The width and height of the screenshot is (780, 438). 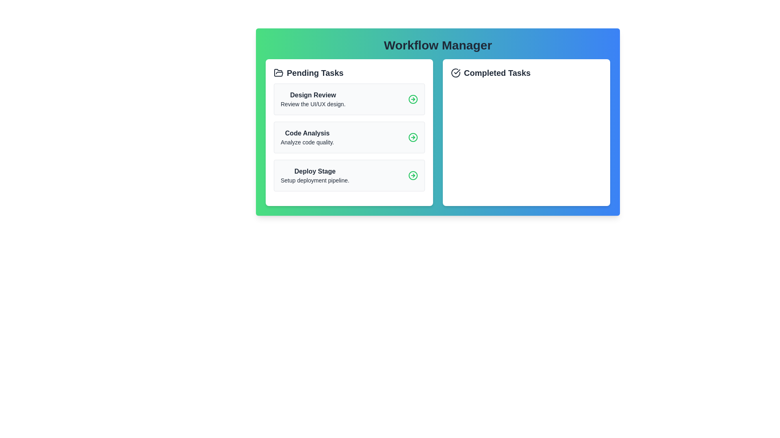 What do you see at coordinates (279, 72) in the screenshot?
I see `the open folder icon located in the 'Pending Tasks' section header, which is the leftmost component in the title bar` at bounding box center [279, 72].